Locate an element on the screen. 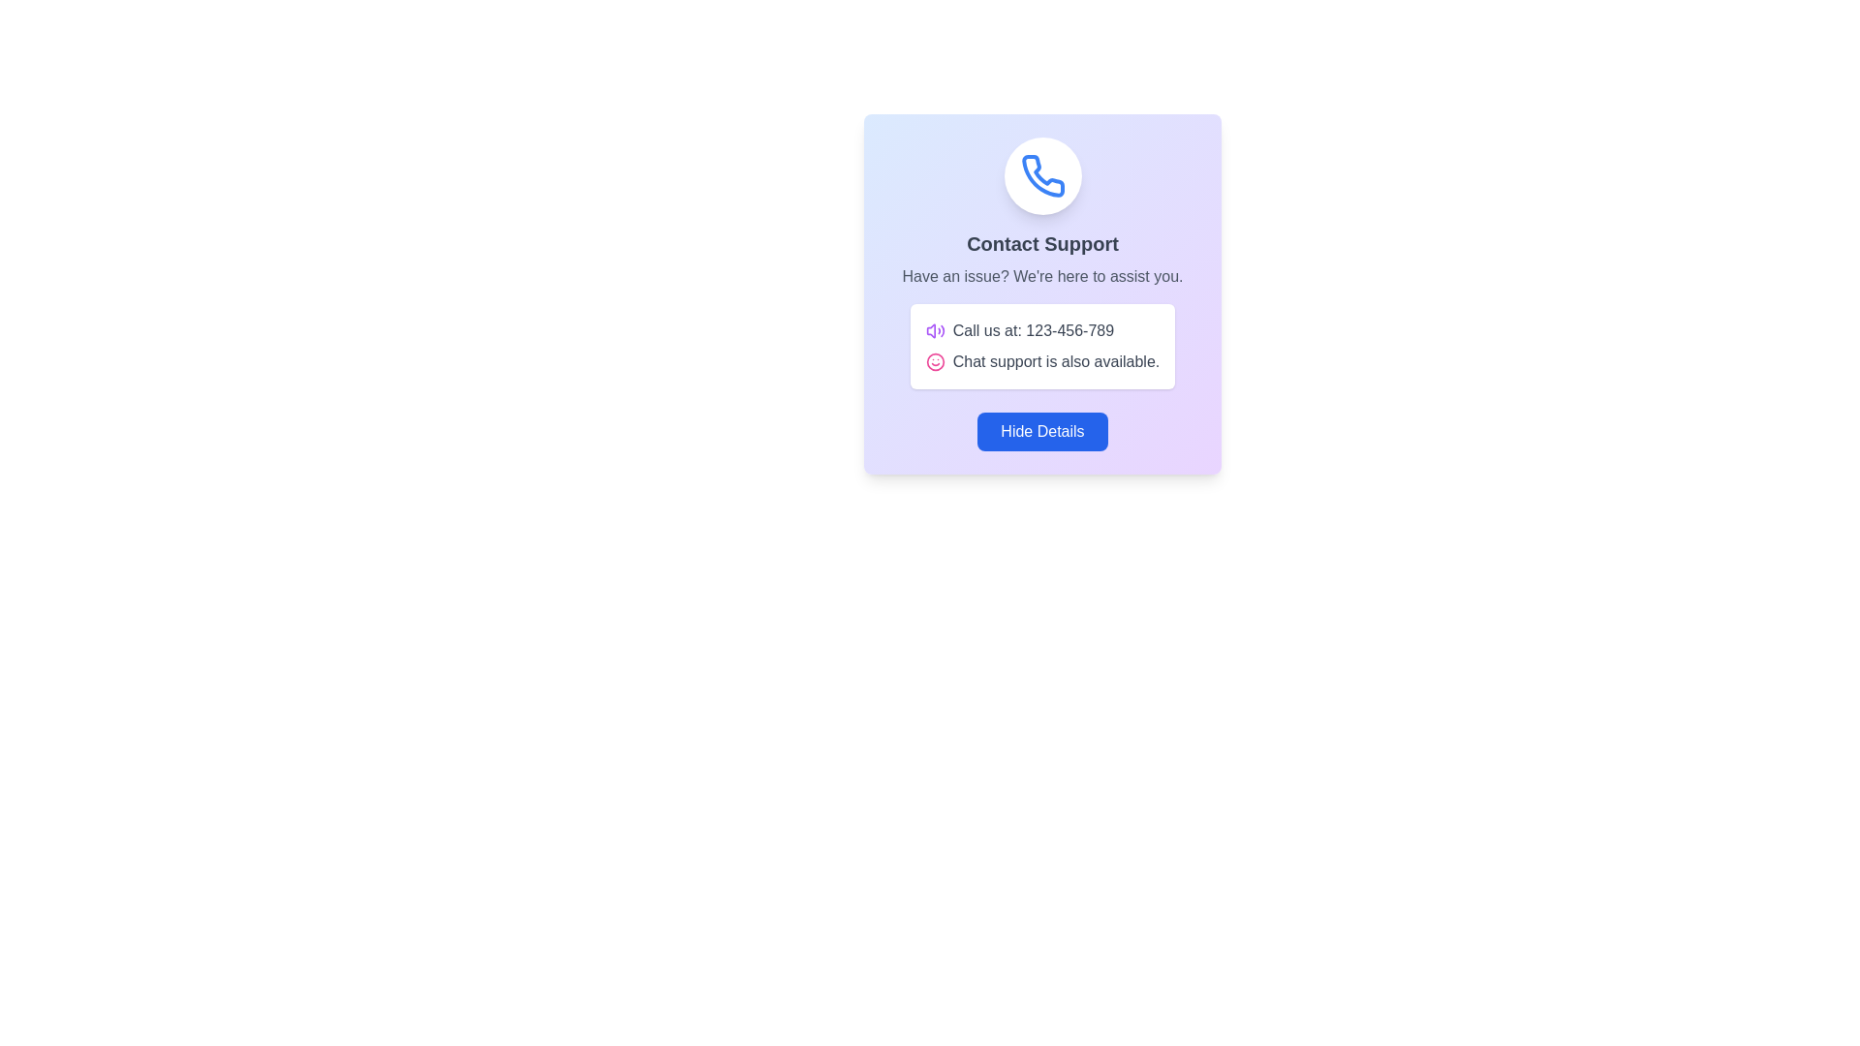 Image resolution: width=1860 pixels, height=1046 pixels. the audio or notification icon located to the left of the text 'Call us at: 123-456-789' in the 'Contact Support' pop-up layout is located at coordinates (935, 330).